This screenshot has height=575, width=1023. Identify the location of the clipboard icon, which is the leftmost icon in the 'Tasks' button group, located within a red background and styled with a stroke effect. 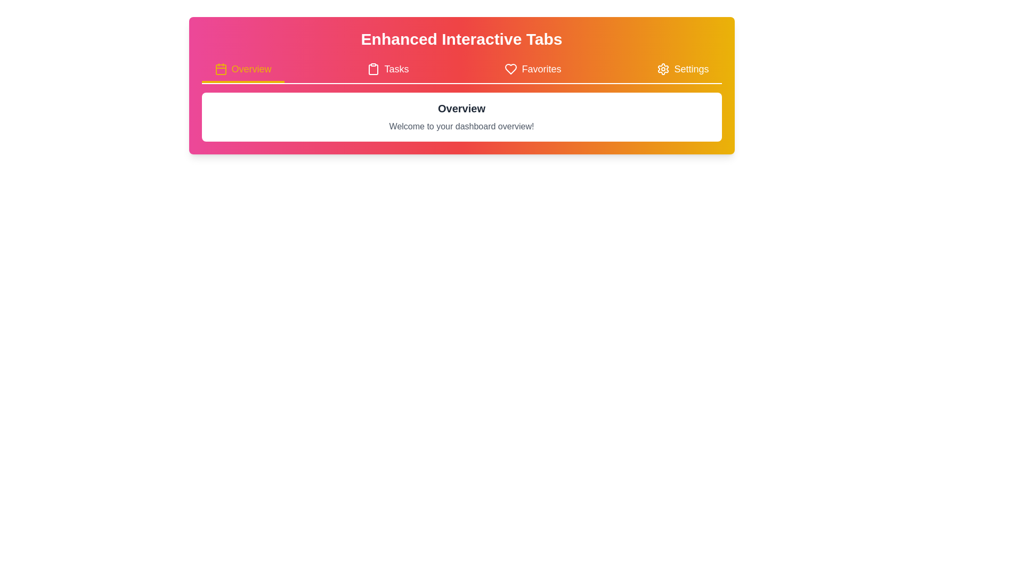
(374, 69).